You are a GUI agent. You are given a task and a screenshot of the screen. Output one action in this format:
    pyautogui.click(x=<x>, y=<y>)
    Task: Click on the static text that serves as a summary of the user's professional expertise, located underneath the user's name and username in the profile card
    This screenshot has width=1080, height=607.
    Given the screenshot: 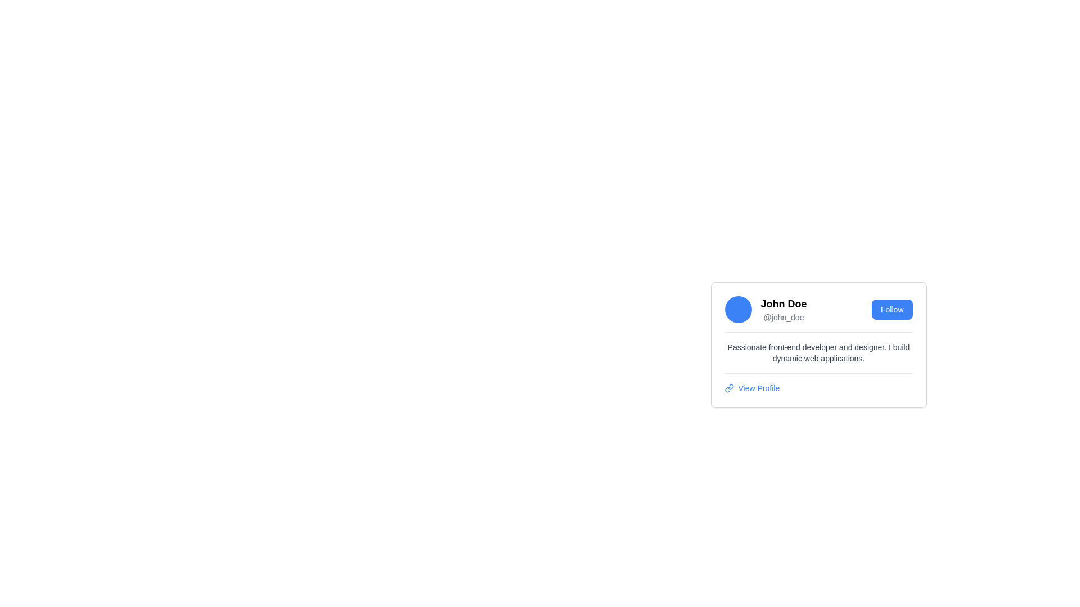 What is the action you would take?
    pyautogui.click(x=818, y=352)
    